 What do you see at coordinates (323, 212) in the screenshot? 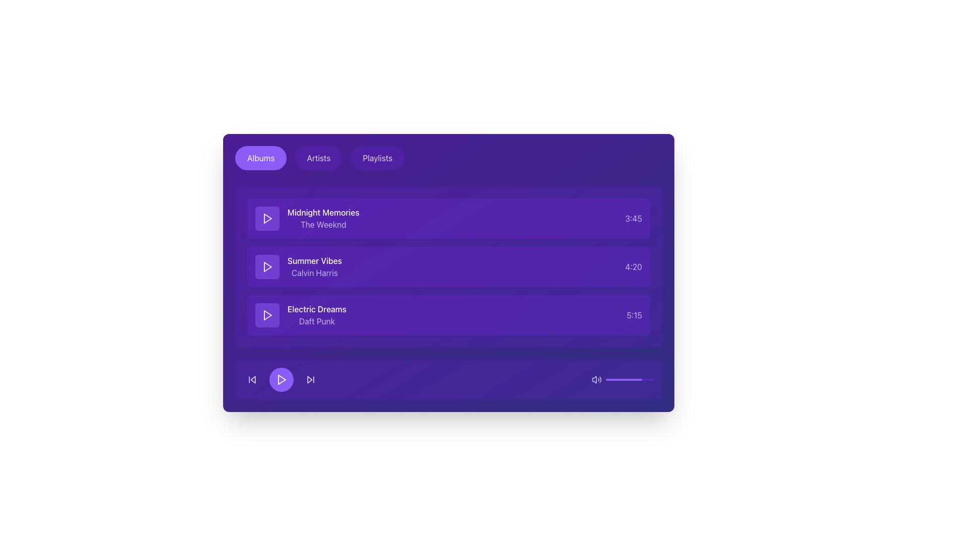
I see `the title text element located at the top of the list, which is positioned to the right of the play button icon and above the smaller text label displaying 'The Weeknd'` at bounding box center [323, 212].